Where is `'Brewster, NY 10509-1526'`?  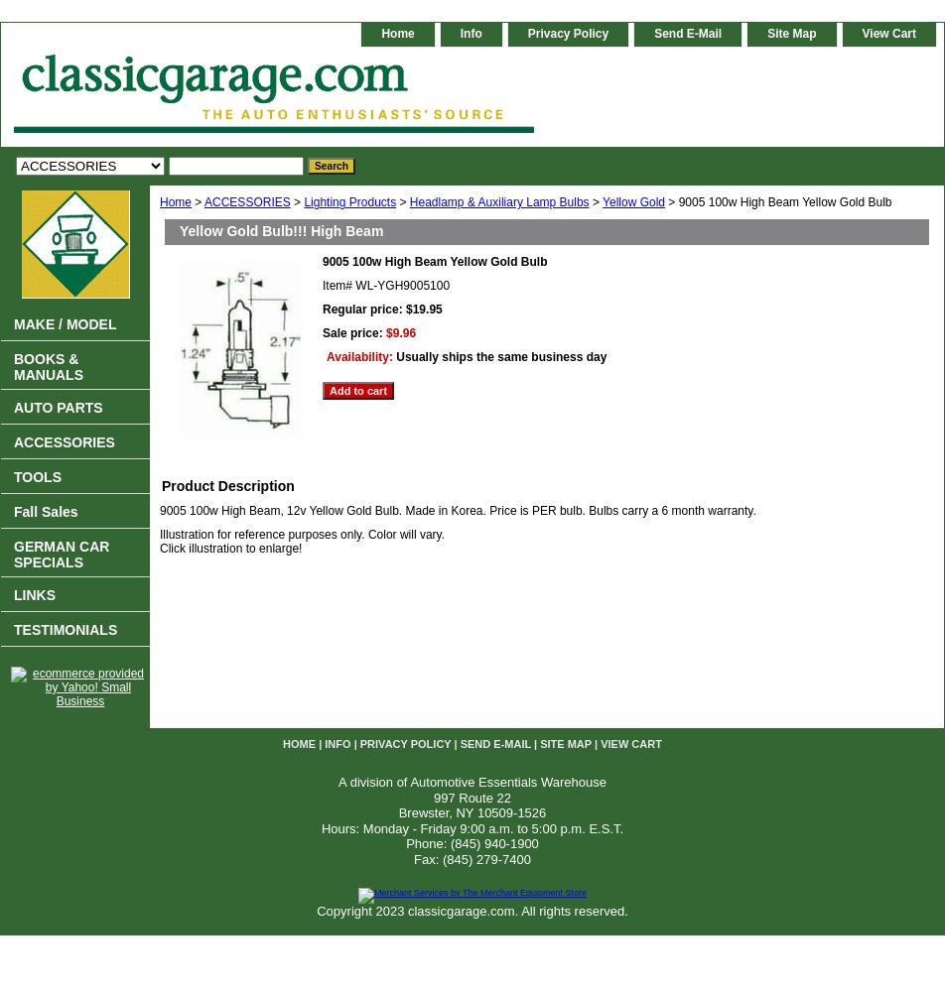
'Brewster, NY 10509-1526' is located at coordinates (397, 811).